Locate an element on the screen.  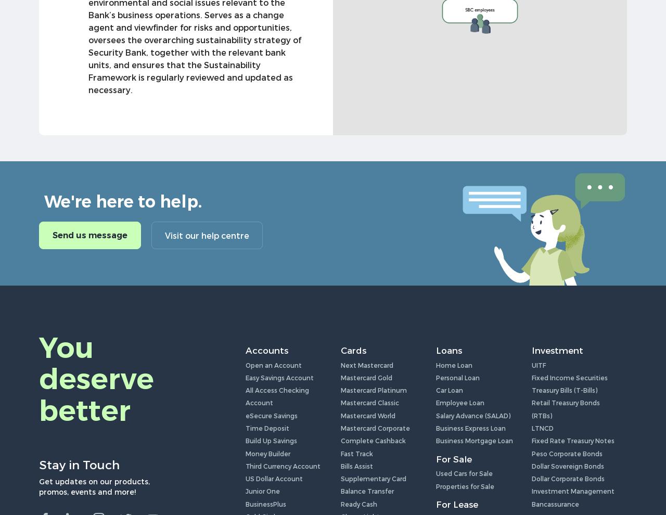
'Properties for Sale' is located at coordinates (436, 485).